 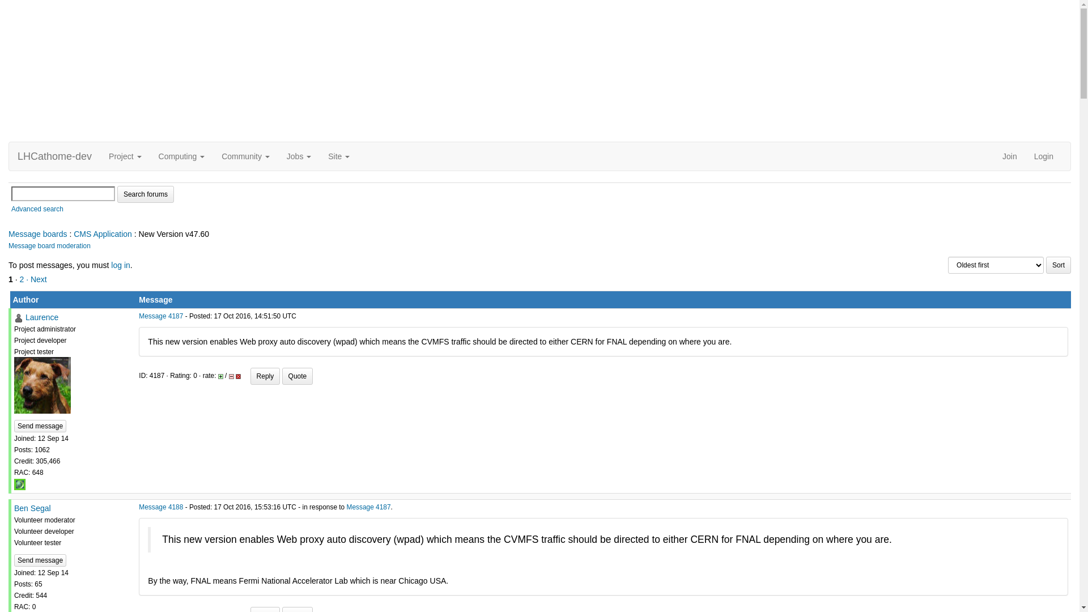 I want to click on 'View the profile of Laurence', so click(x=19, y=318).